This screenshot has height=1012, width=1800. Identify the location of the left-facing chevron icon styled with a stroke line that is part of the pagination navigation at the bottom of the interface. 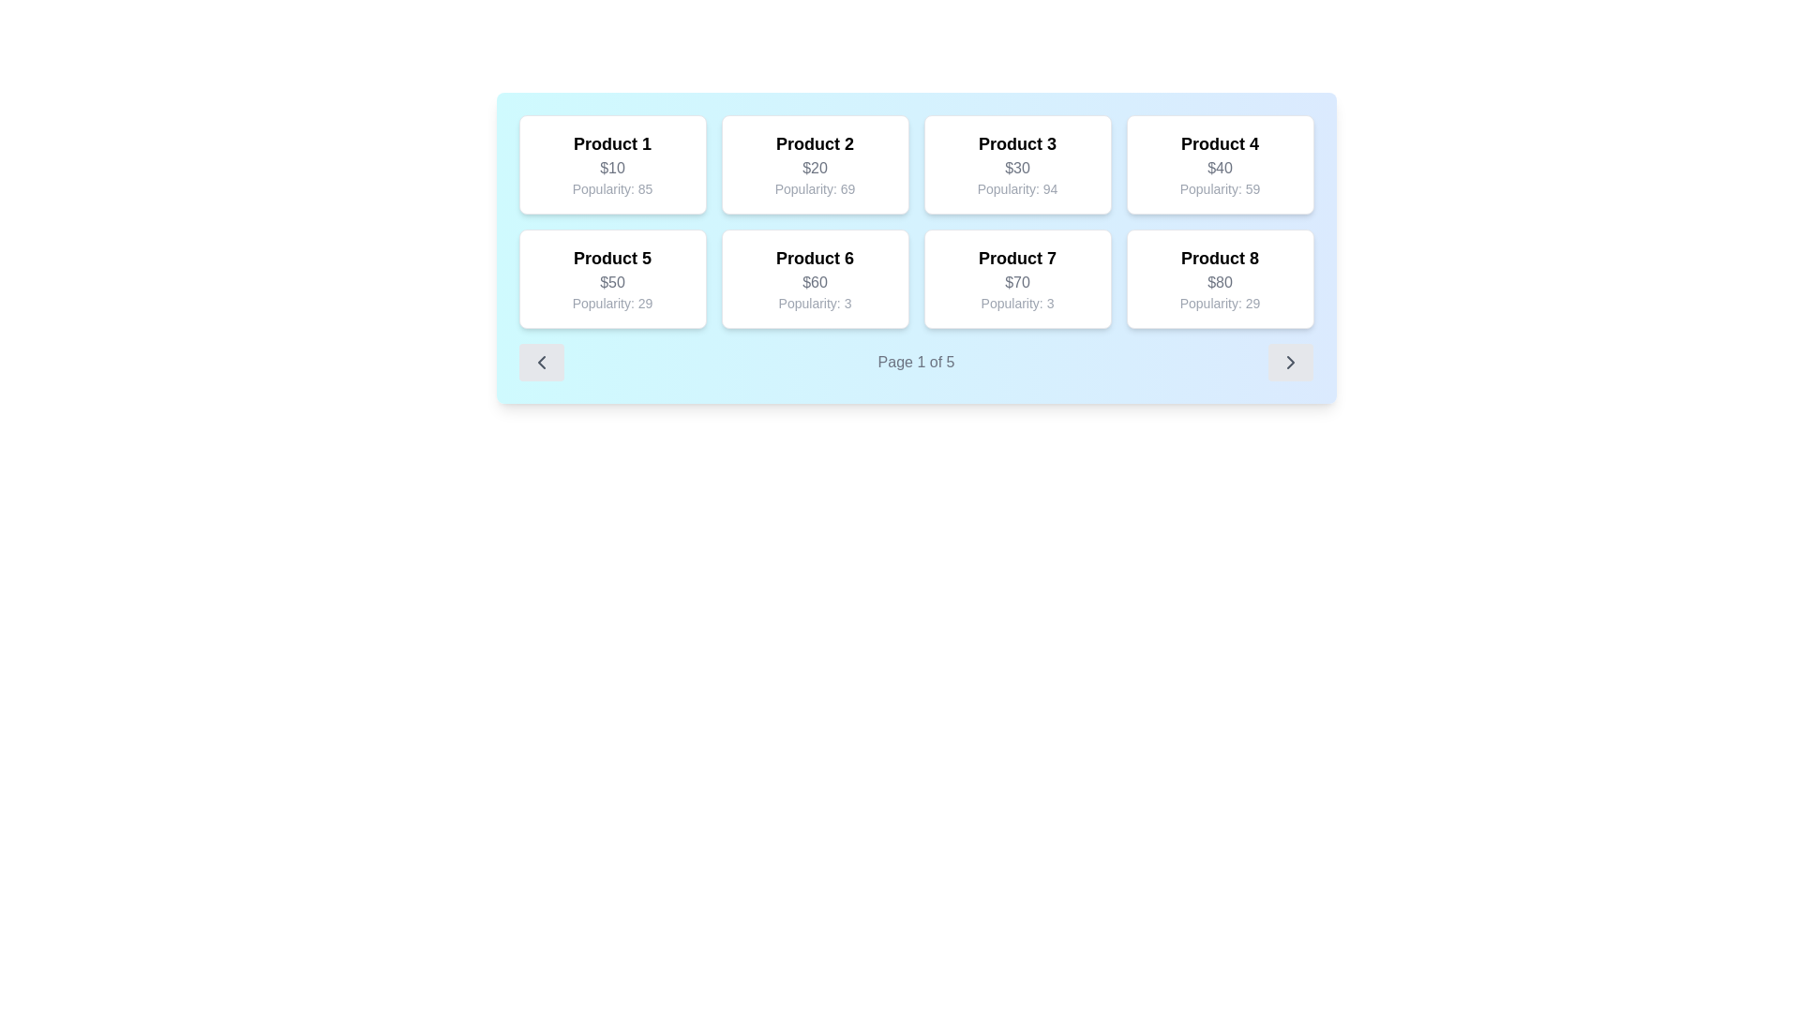
(540, 362).